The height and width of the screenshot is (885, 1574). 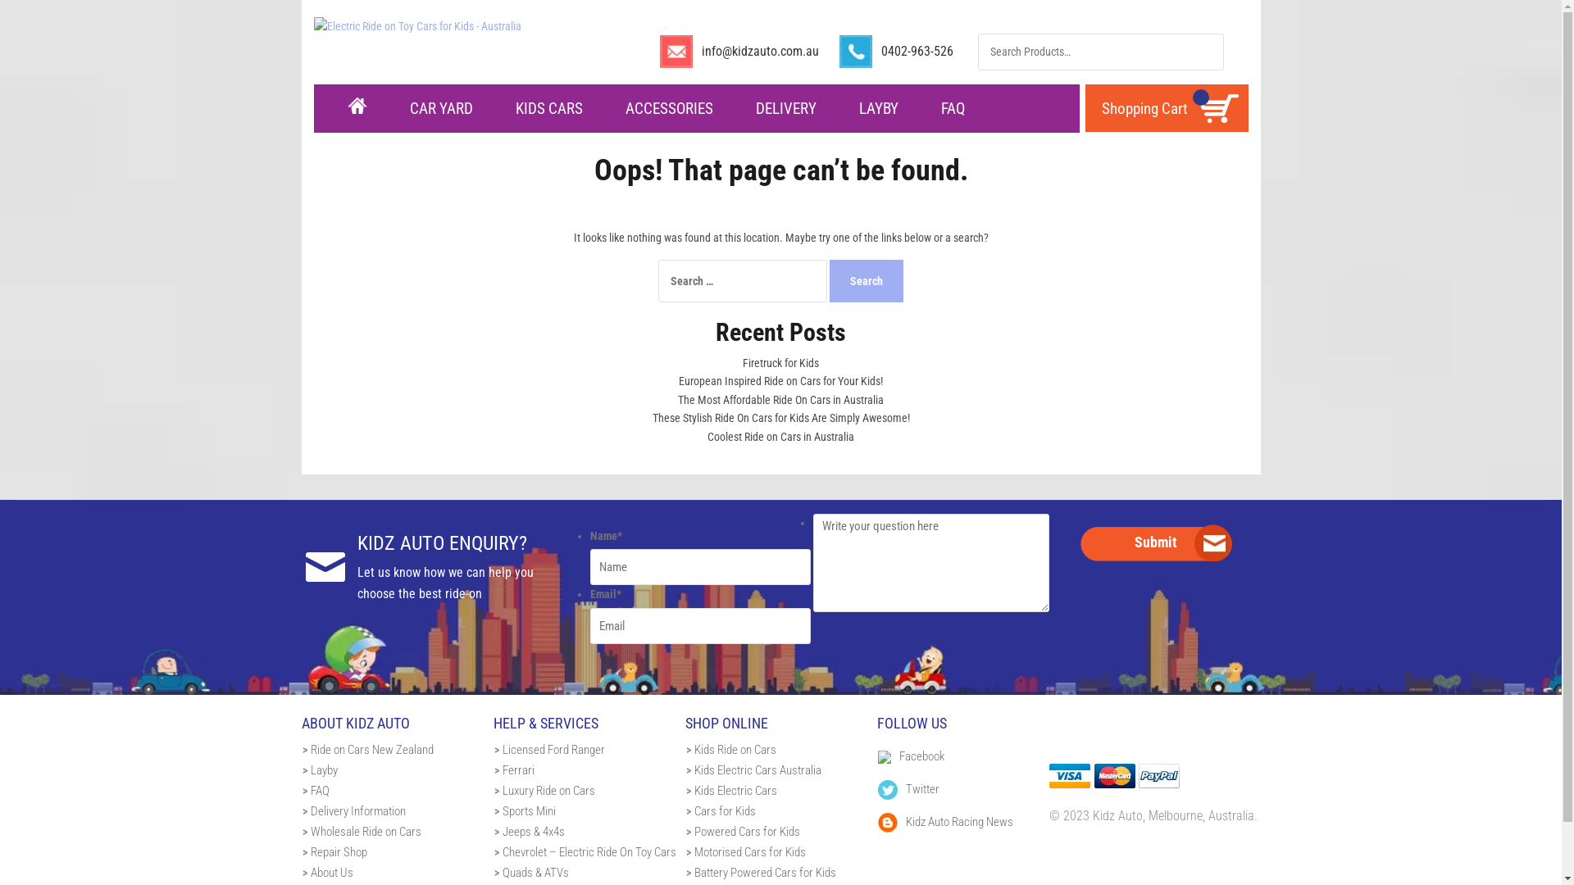 What do you see at coordinates (944, 821) in the screenshot?
I see `'Kidz Auto Racing News'` at bounding box center [944, 821].